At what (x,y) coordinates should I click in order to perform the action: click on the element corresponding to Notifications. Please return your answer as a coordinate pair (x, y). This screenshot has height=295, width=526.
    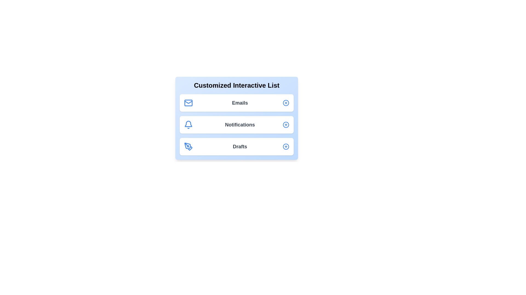
    Looking at the image, I should click on (237, 125).